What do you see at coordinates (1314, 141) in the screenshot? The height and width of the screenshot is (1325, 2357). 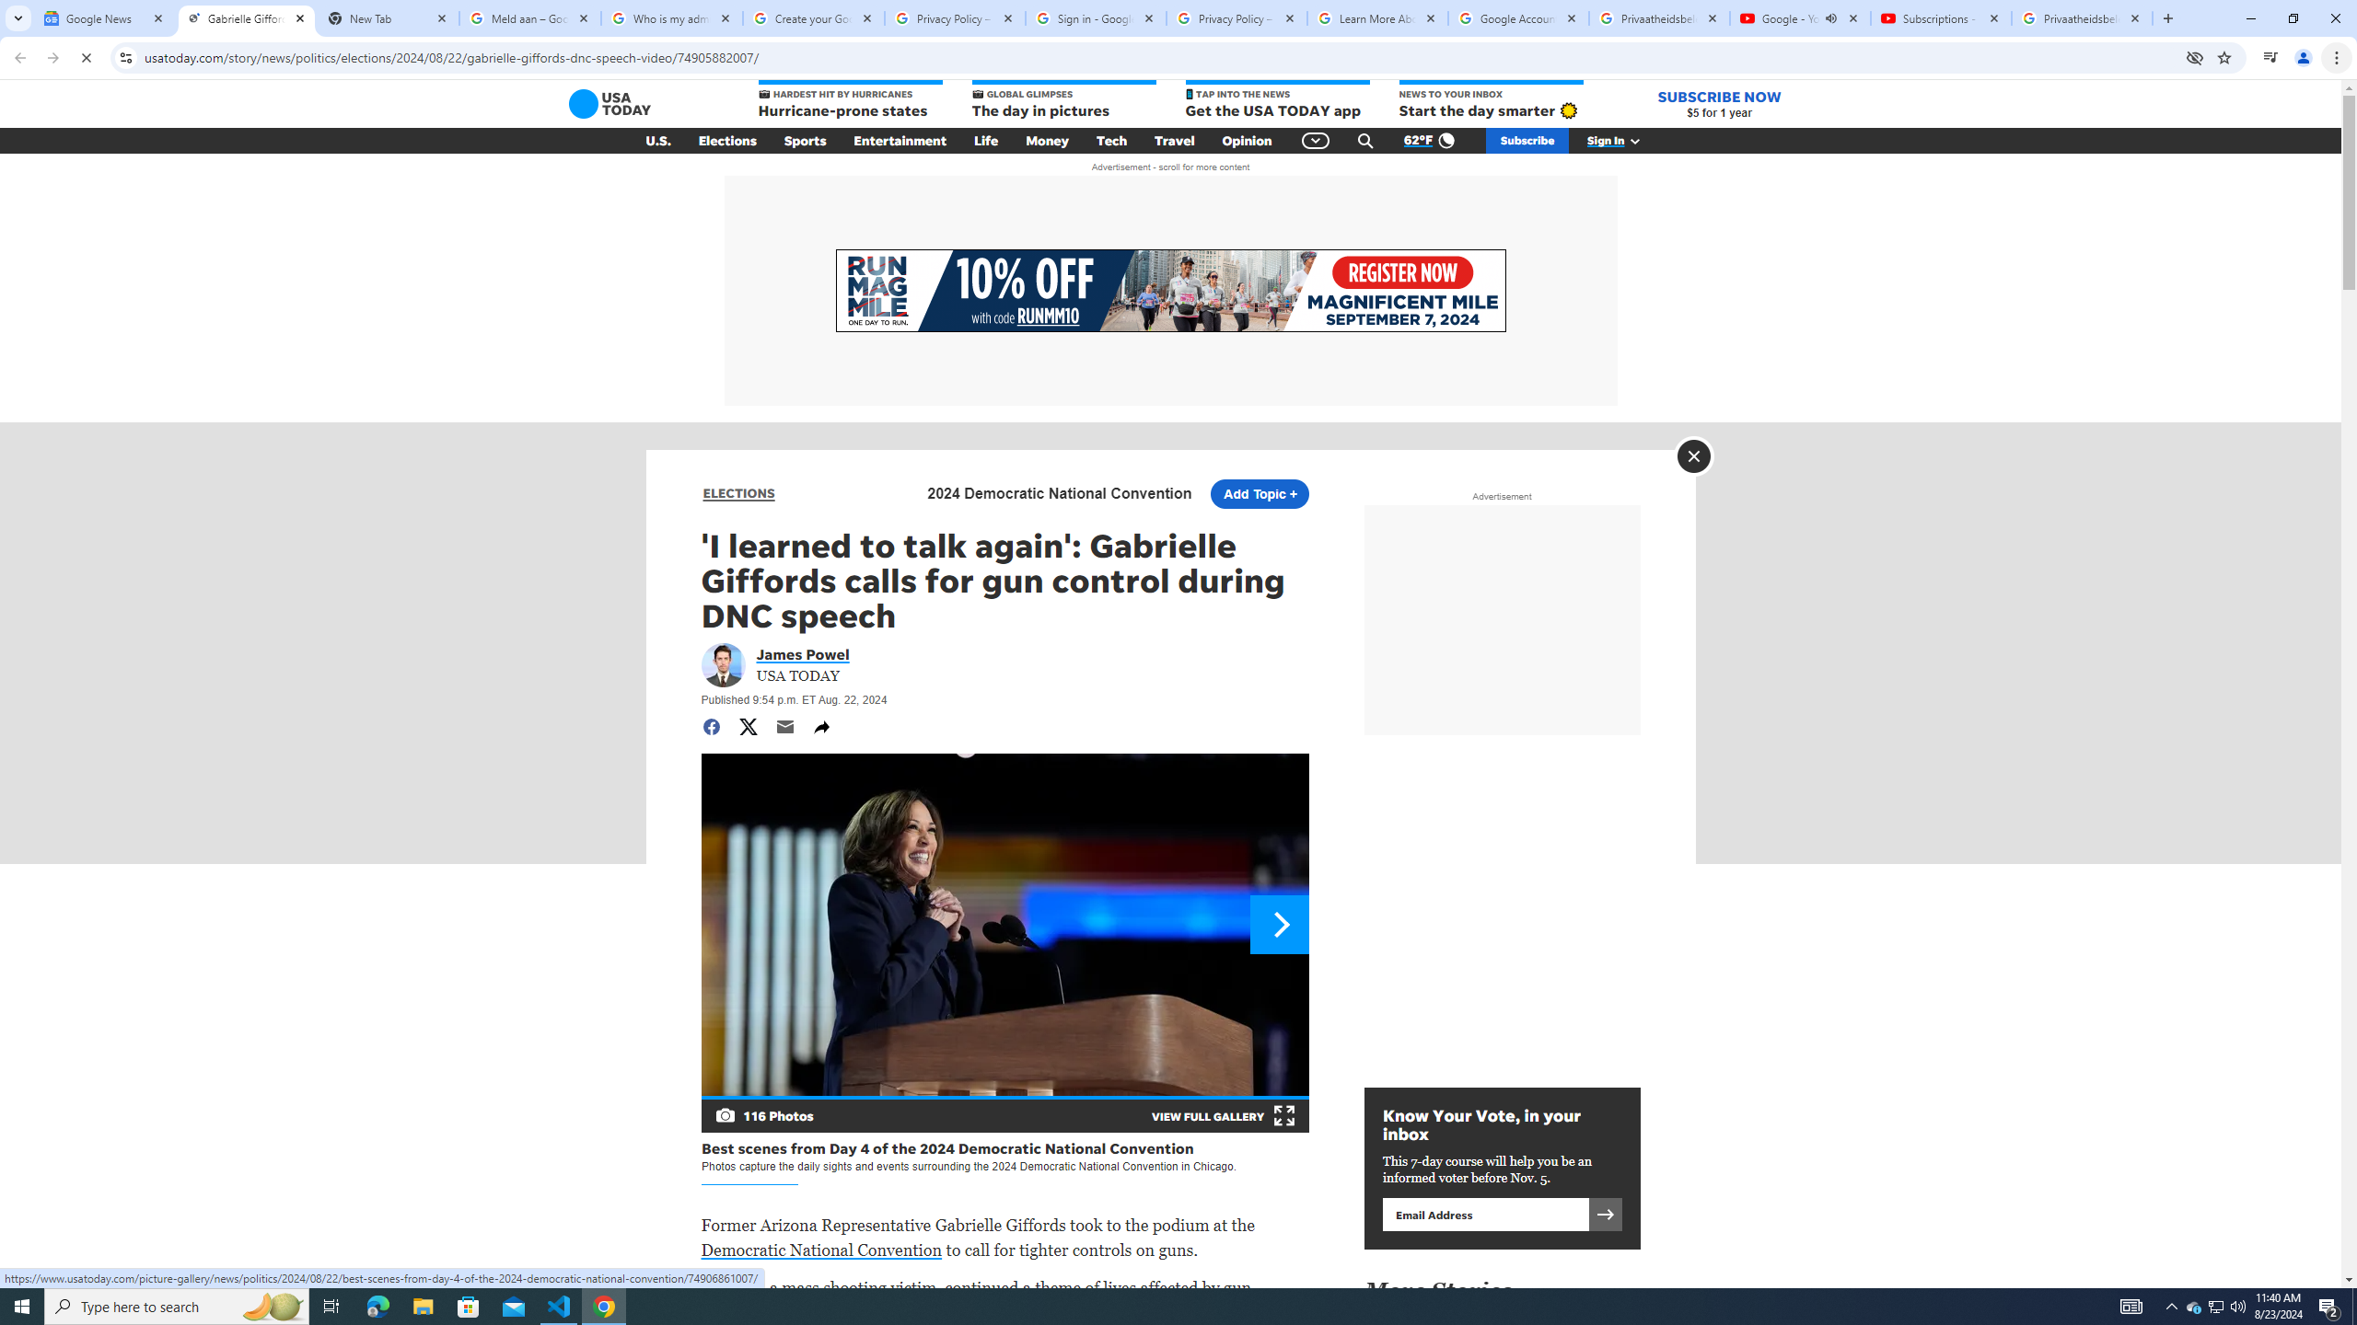 I see `'Global Navigation'` at bounding box center [1314, 141].